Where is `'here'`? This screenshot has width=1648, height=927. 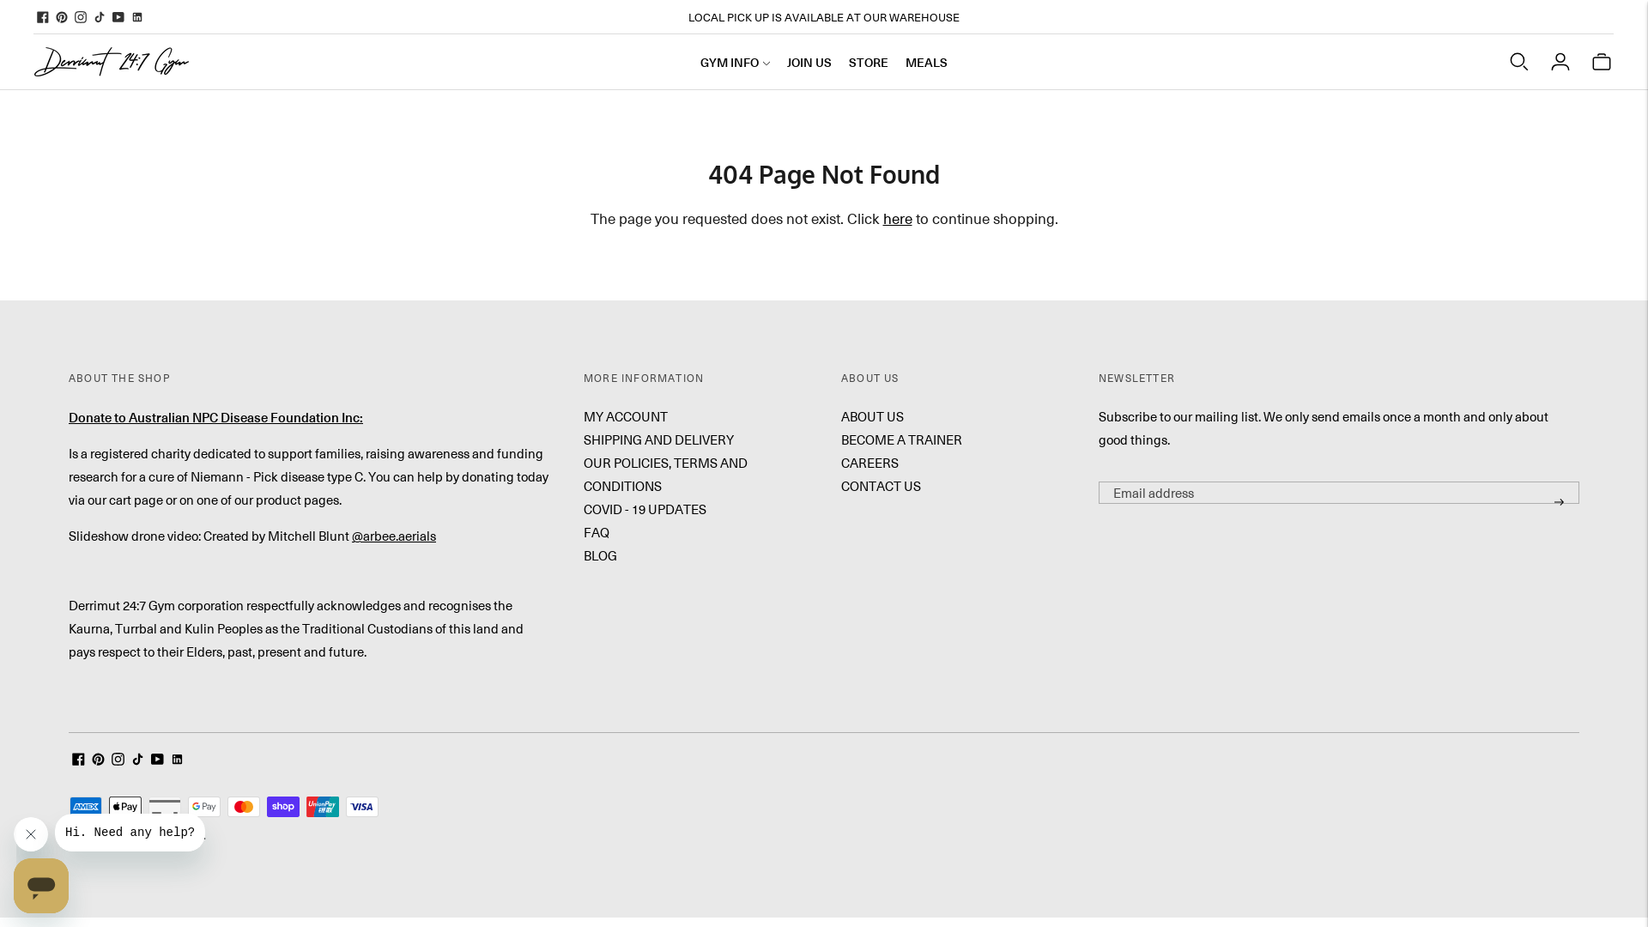 'here' is located at coordinates (896, 217).